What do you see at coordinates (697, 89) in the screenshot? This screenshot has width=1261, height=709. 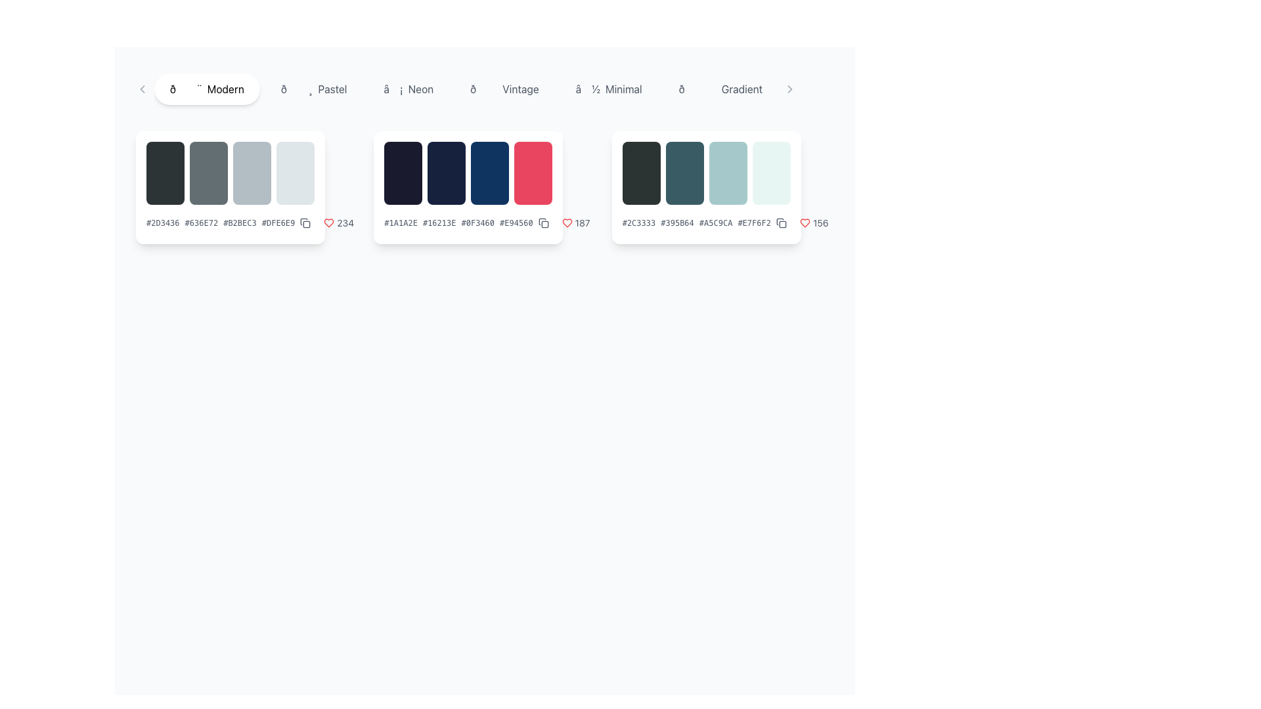 I see `the button labeled 'Gradient' that contains the single character emoji positioned at the top center of the interface` at bounding box center [697, 89].